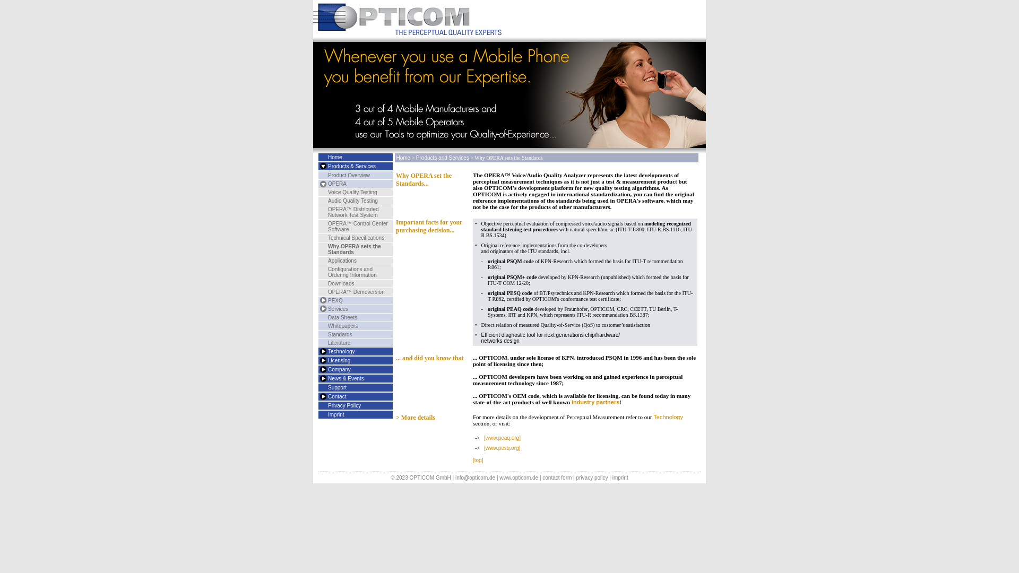 Image resolution: width=1019 pixels, height=573 pixels. I want to click on 'Technology', so click(318, 351).